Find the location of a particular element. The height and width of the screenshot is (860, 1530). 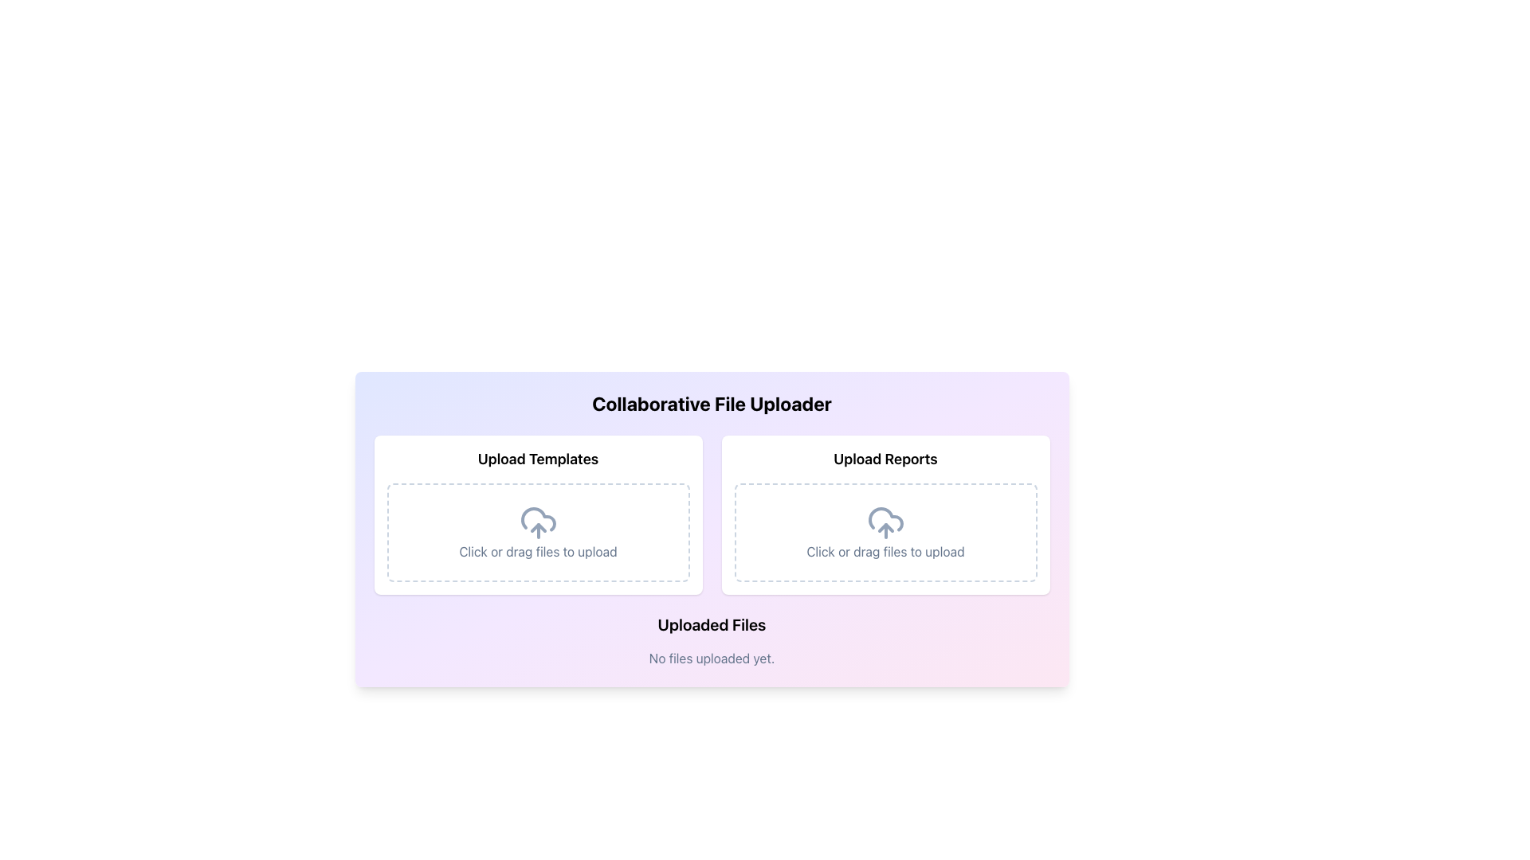

the static text element that informs the user that no files are currently uploaded, which is located below the heading 'Uploaded Files' in the interface is located at coordinates (711, 658).